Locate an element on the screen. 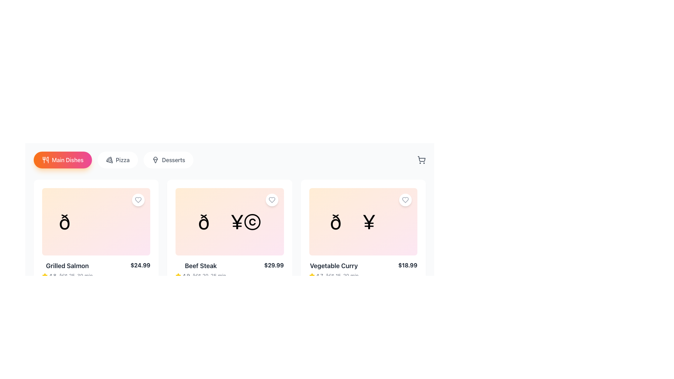  the pizza SVG icon is located at coordinates (109, 160).